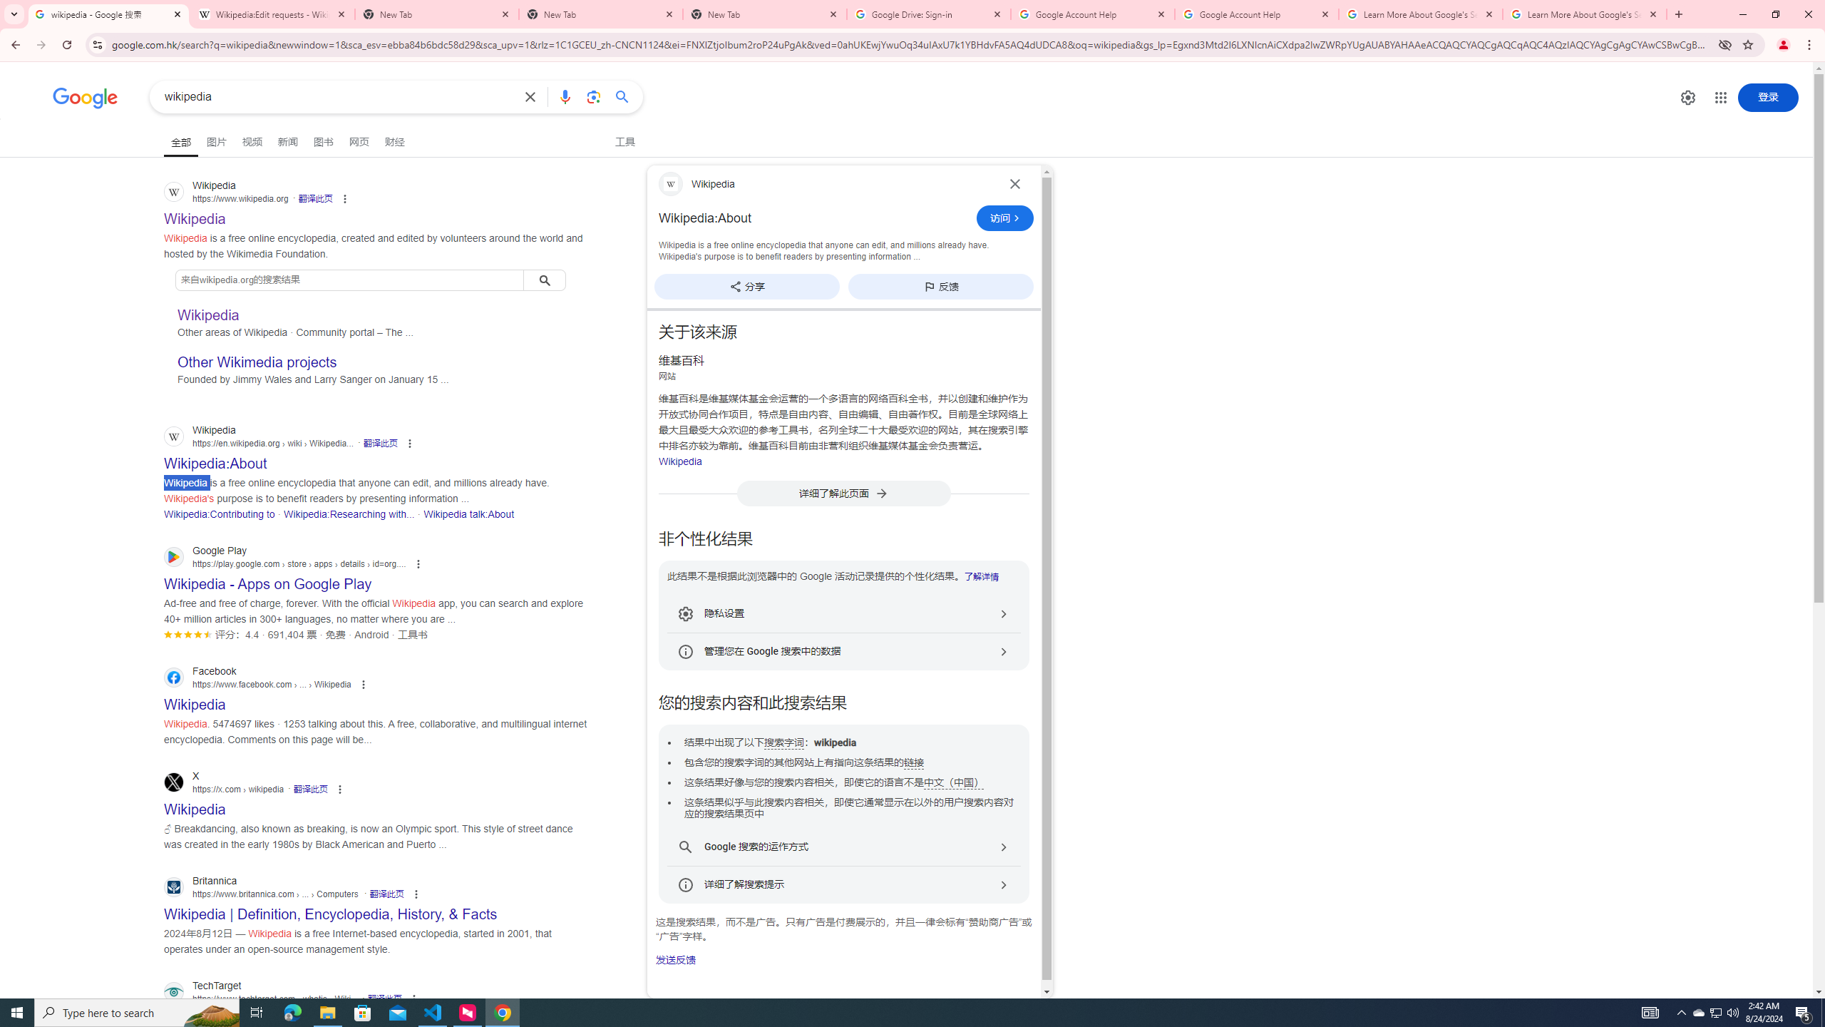  I want to click on 'Google Drive: Sign-in', so click(929, 14).